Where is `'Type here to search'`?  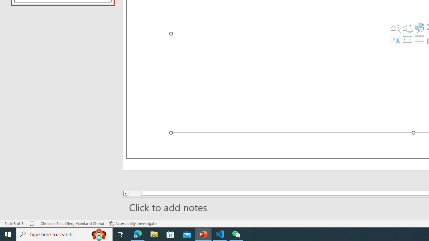 'Type here to search' is located at coordinates (64, 234).